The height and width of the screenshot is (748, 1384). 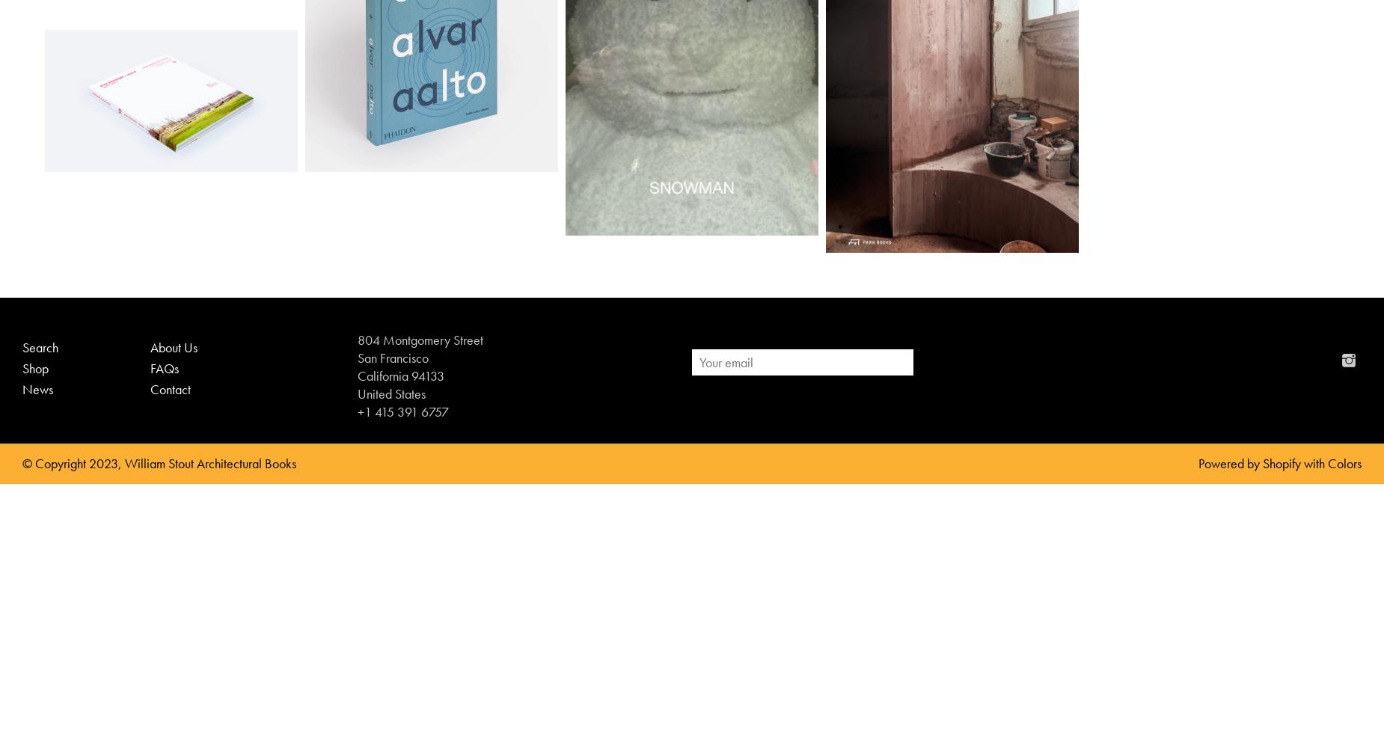 I want to click on '$29.95', so click(x=143, y=150).